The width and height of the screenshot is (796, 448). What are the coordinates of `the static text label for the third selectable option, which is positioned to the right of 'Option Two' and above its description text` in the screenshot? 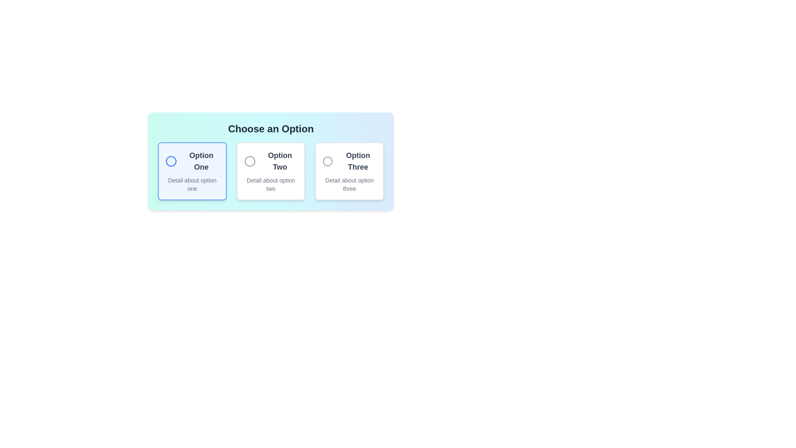 It's located at (358, 161).